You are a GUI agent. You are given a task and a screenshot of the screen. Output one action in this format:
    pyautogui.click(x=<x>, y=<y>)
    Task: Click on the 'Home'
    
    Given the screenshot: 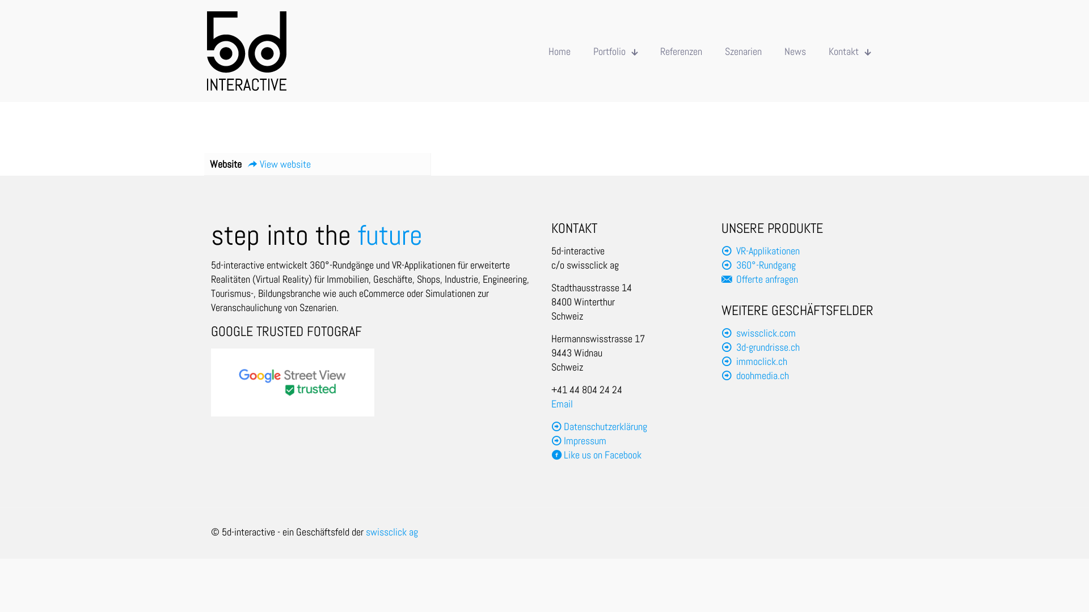 What is the action you would take?
    pyautogui.click(x=559, y=50)
    